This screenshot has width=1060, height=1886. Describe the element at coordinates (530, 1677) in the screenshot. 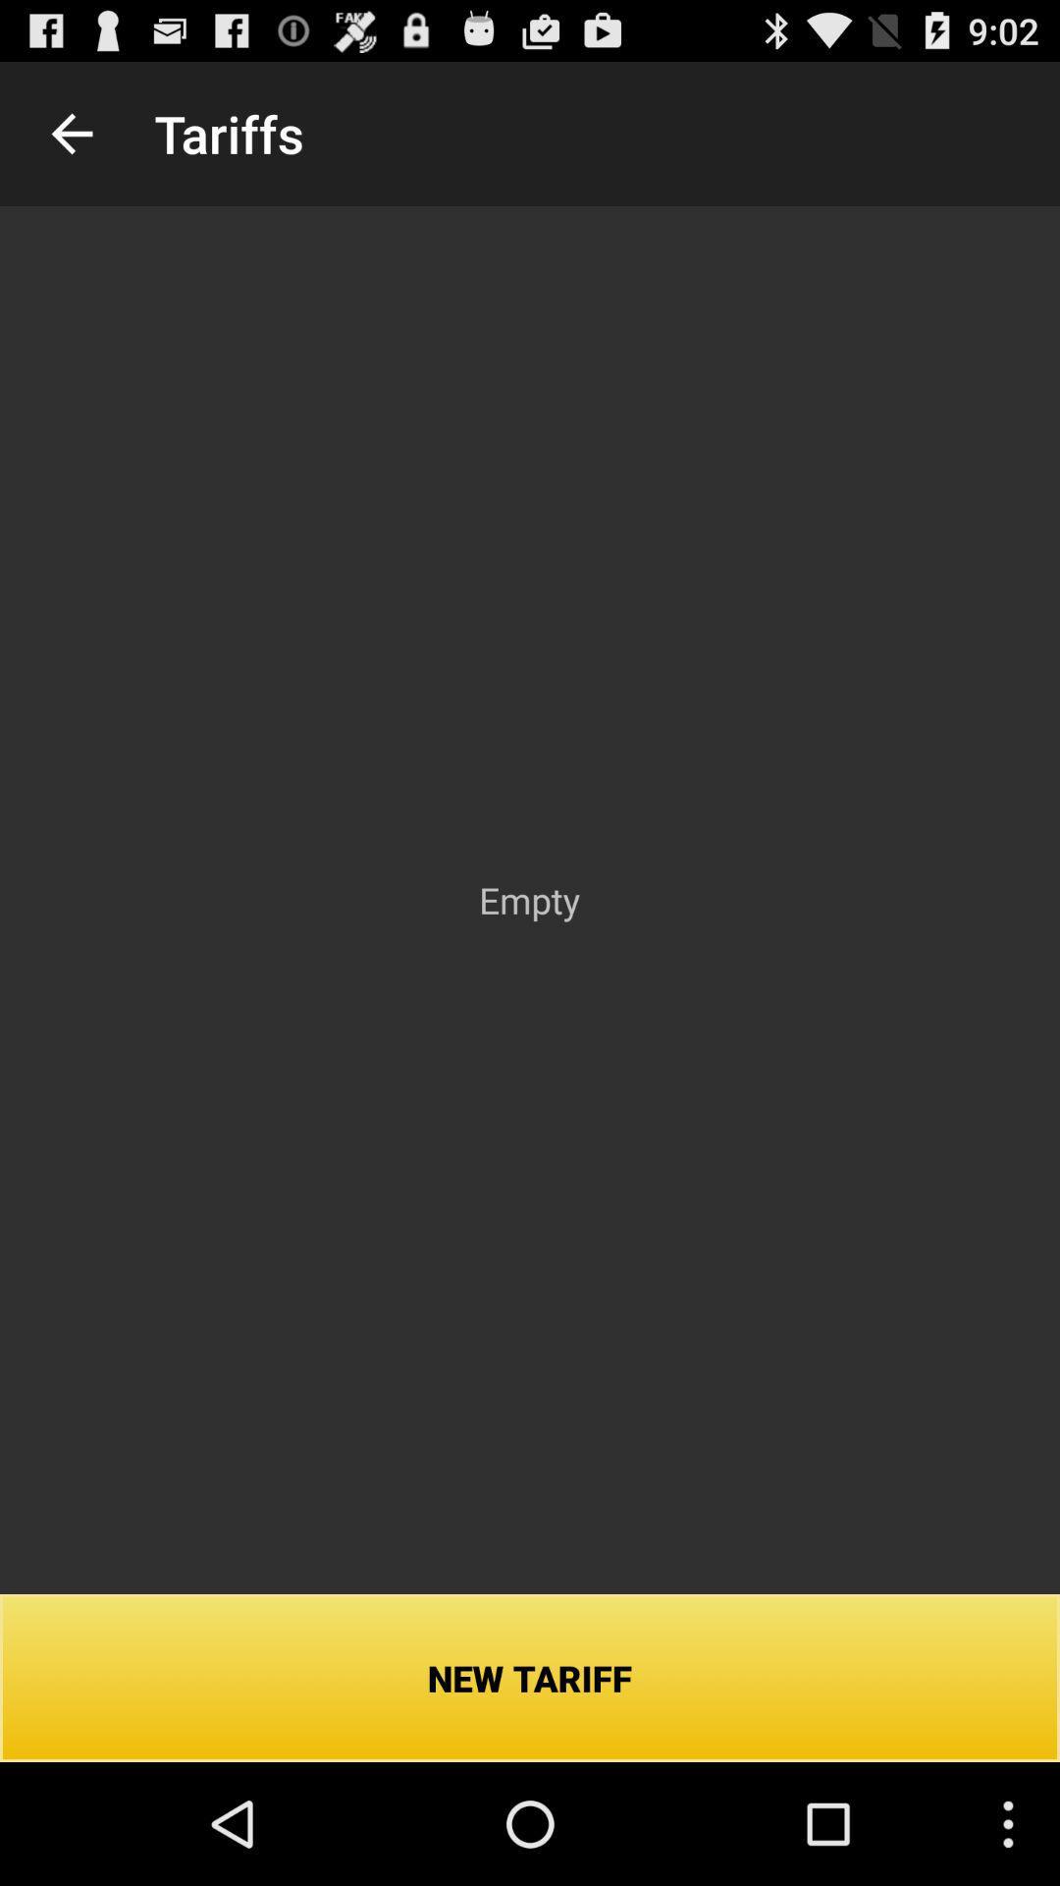

I see `the new tariff` at that location.